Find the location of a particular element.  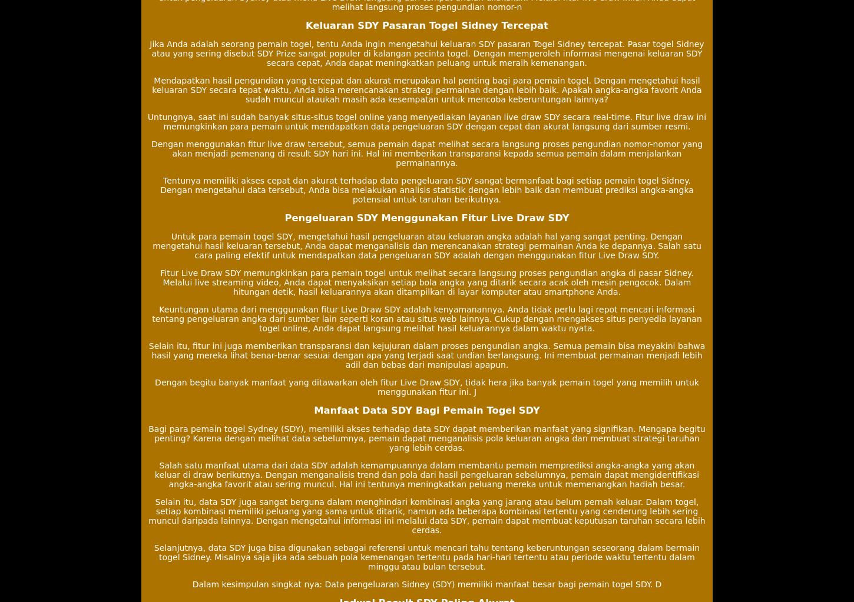

'Mendapatkan hasil pengundian yang tercepat dan akurat merupakan hal penting bagi para pemain togel. Dengan mengetahui hasil keluaran SDY secara tepat waktu, Anda bisa merencanakan strategi permainan dengan lebih baik. Apakah angka-angka favorit Anda sudah muncul ataukah masih ada kesempatan untuk mencoba keberuntungan lainnya?' is located at coordinates (426, 89).